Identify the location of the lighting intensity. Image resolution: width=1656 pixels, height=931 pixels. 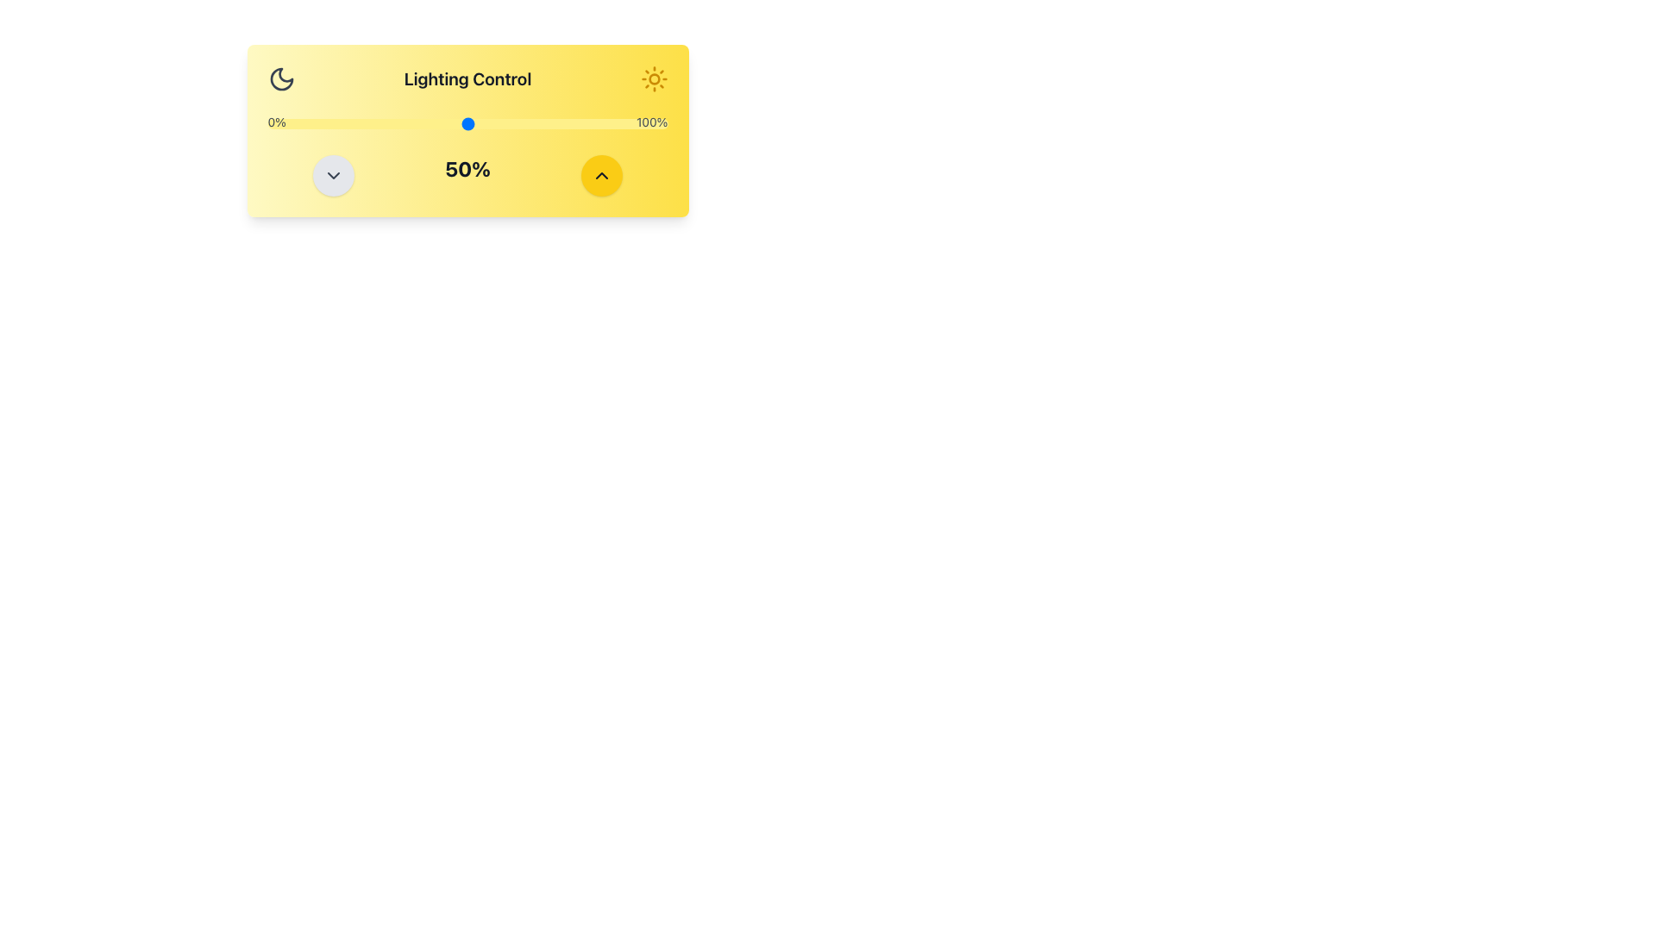
(547, 122).